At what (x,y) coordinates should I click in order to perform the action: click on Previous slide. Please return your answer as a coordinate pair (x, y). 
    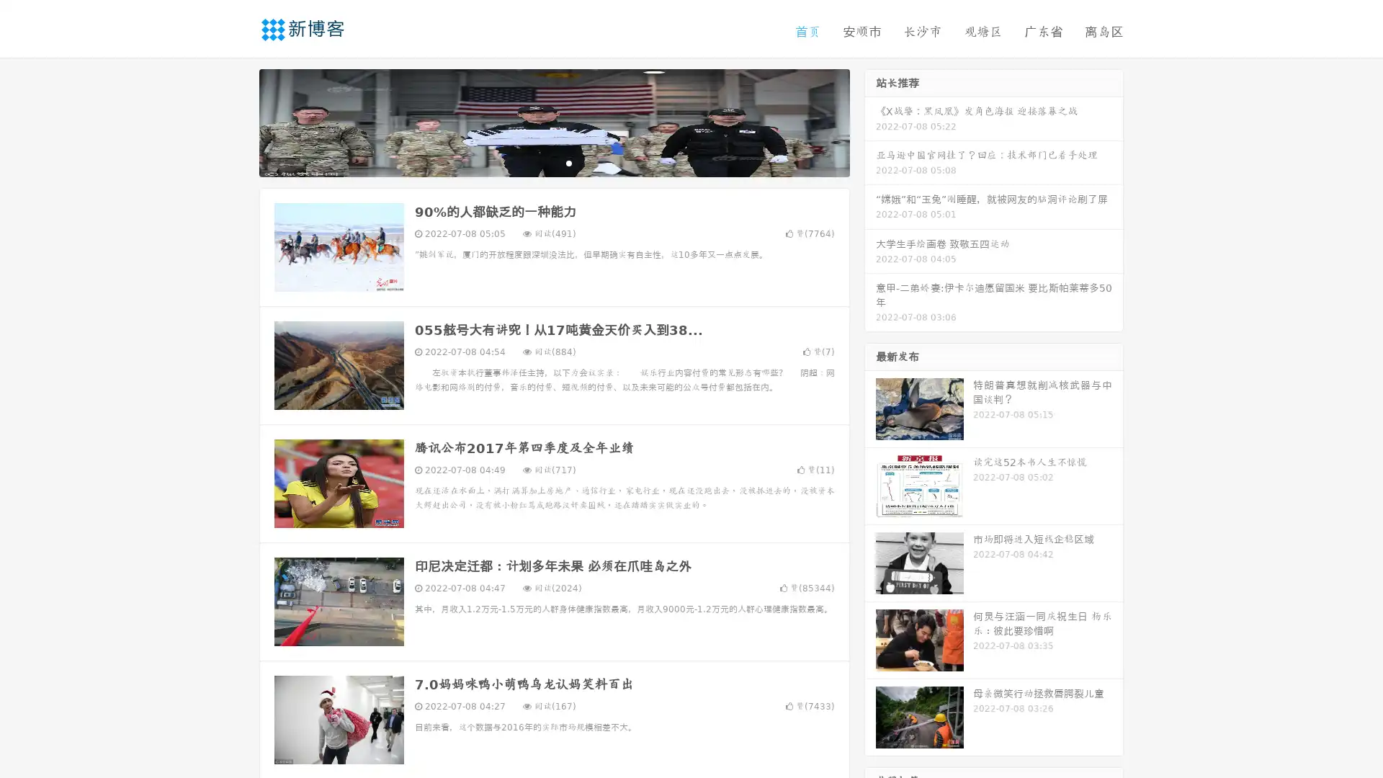
    Looking at the image, I should click on (238, 121).